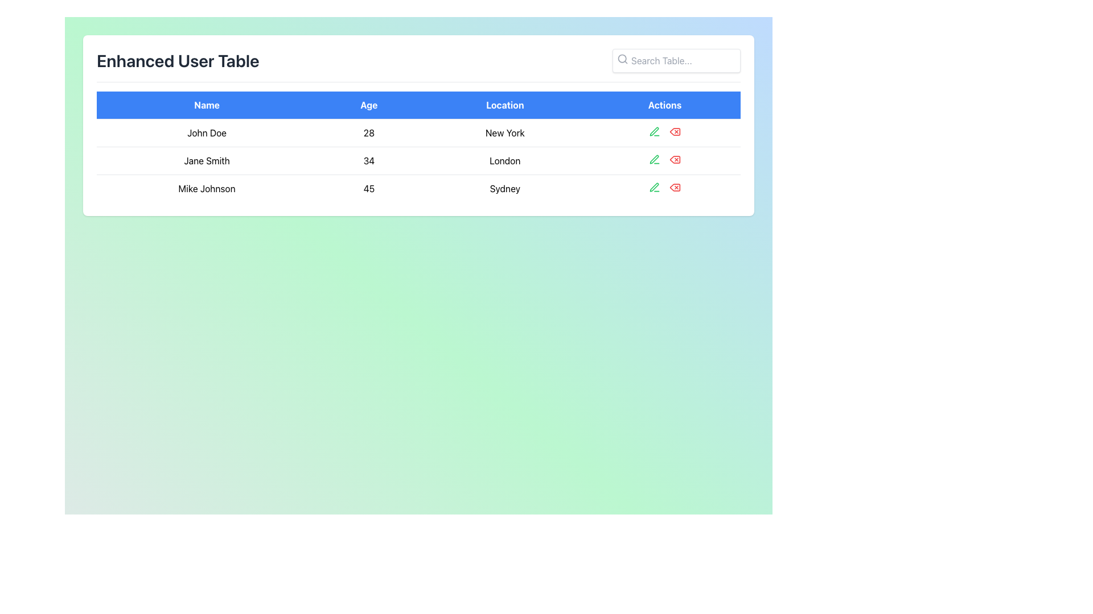 This screenshot has width=1093, height=614. I want to click on the red delete button located in the Actions column of the first row of the table, so click(675, 131).